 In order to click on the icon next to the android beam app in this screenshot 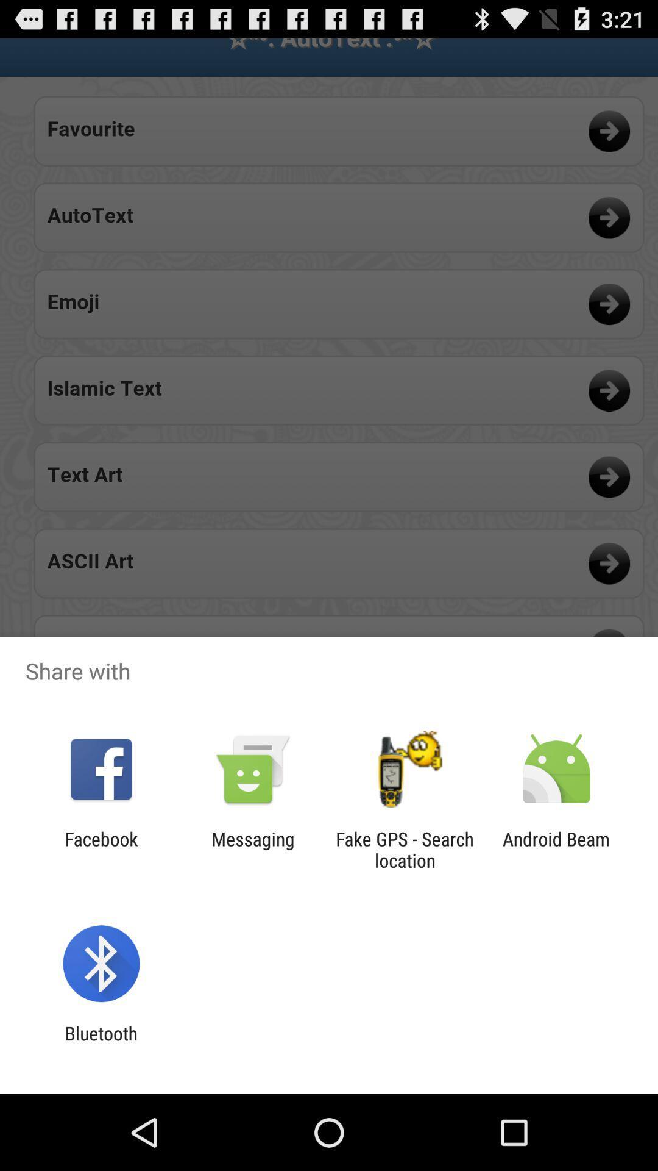, I will do `click(405, 849)`.